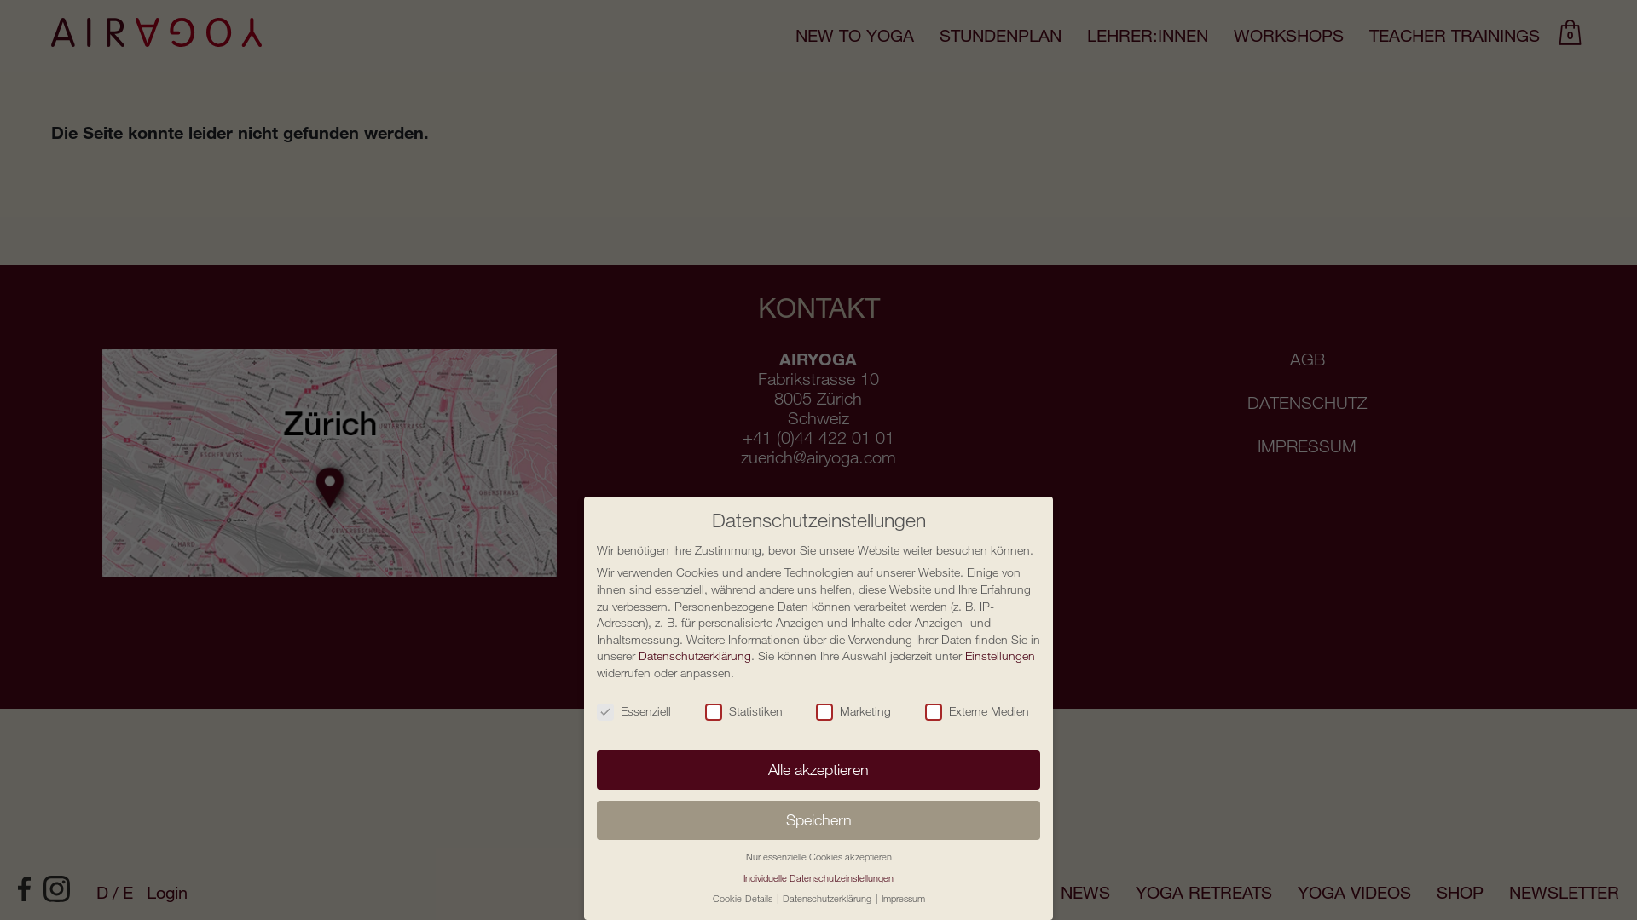 This screenshot has height=920, width=1637. Describe the element at coordinates (854, 35) in the screenshot. I see `'NEW TO YOGA'` at that location.